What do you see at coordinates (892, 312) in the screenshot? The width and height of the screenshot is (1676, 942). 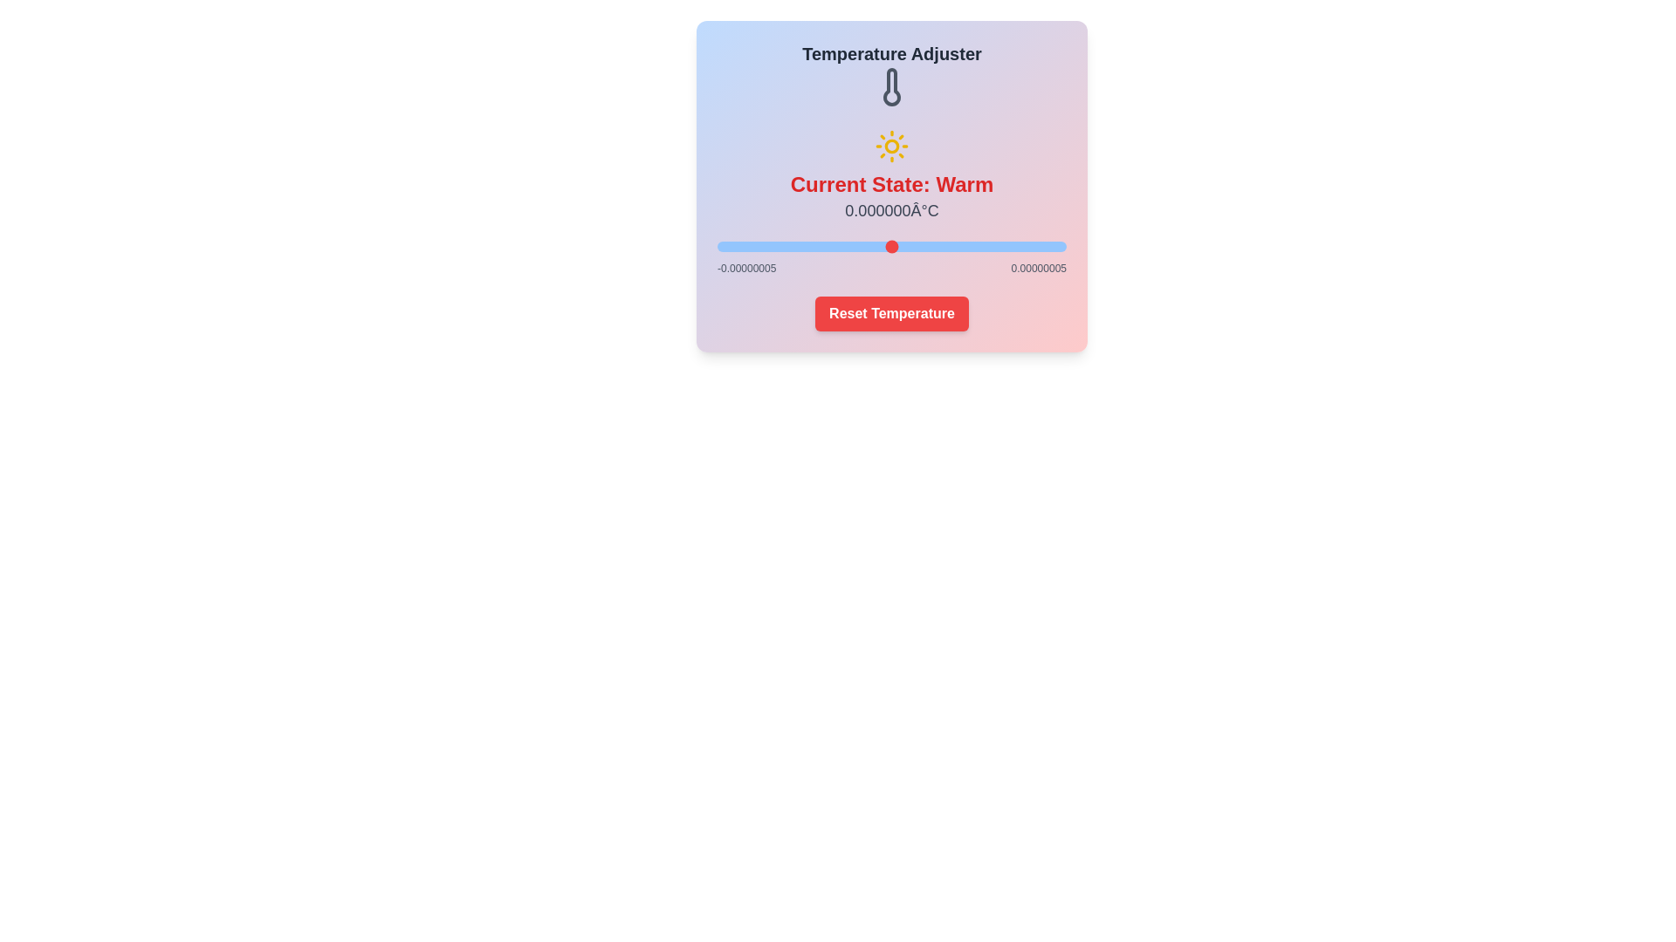 I see `the 'Reset Temperature' button to reset the temperature to its default value` at bounding box center [892, 312].